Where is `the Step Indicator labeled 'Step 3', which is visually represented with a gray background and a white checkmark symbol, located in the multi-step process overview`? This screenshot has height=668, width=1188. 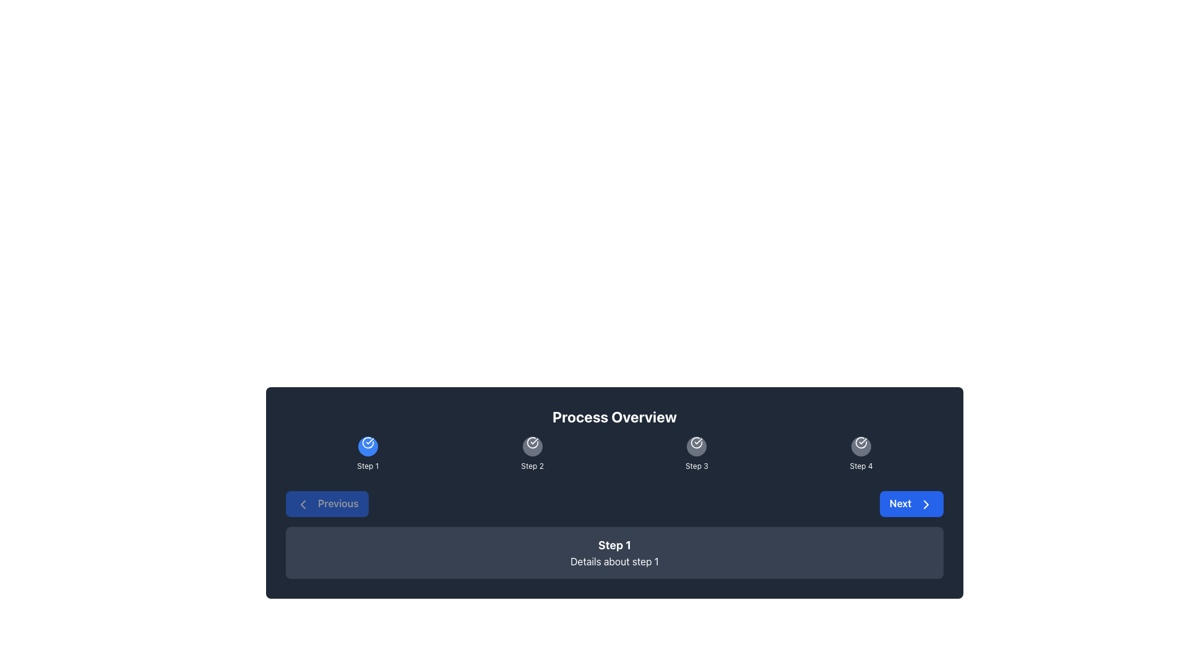 the Step Indicator labeled 'Step 3', which is visually represented with a gray background and a white checkmark symbol, located in the multi-step process overview is located at coordinates (697, 453).